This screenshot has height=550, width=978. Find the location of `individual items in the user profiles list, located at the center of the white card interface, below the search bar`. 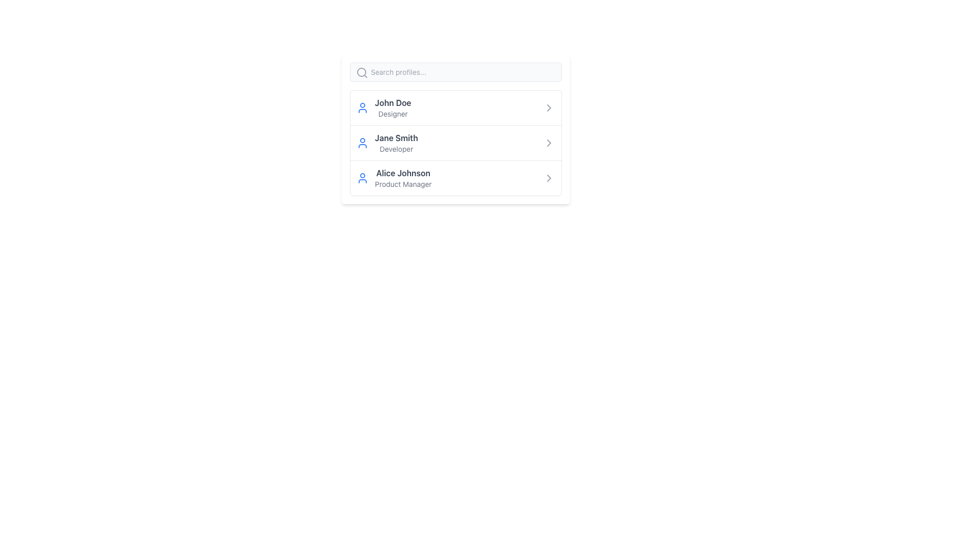

individual items in the user profiles list, located at the center of the white card interface, below the search bar is located at coordinates (455, 143).